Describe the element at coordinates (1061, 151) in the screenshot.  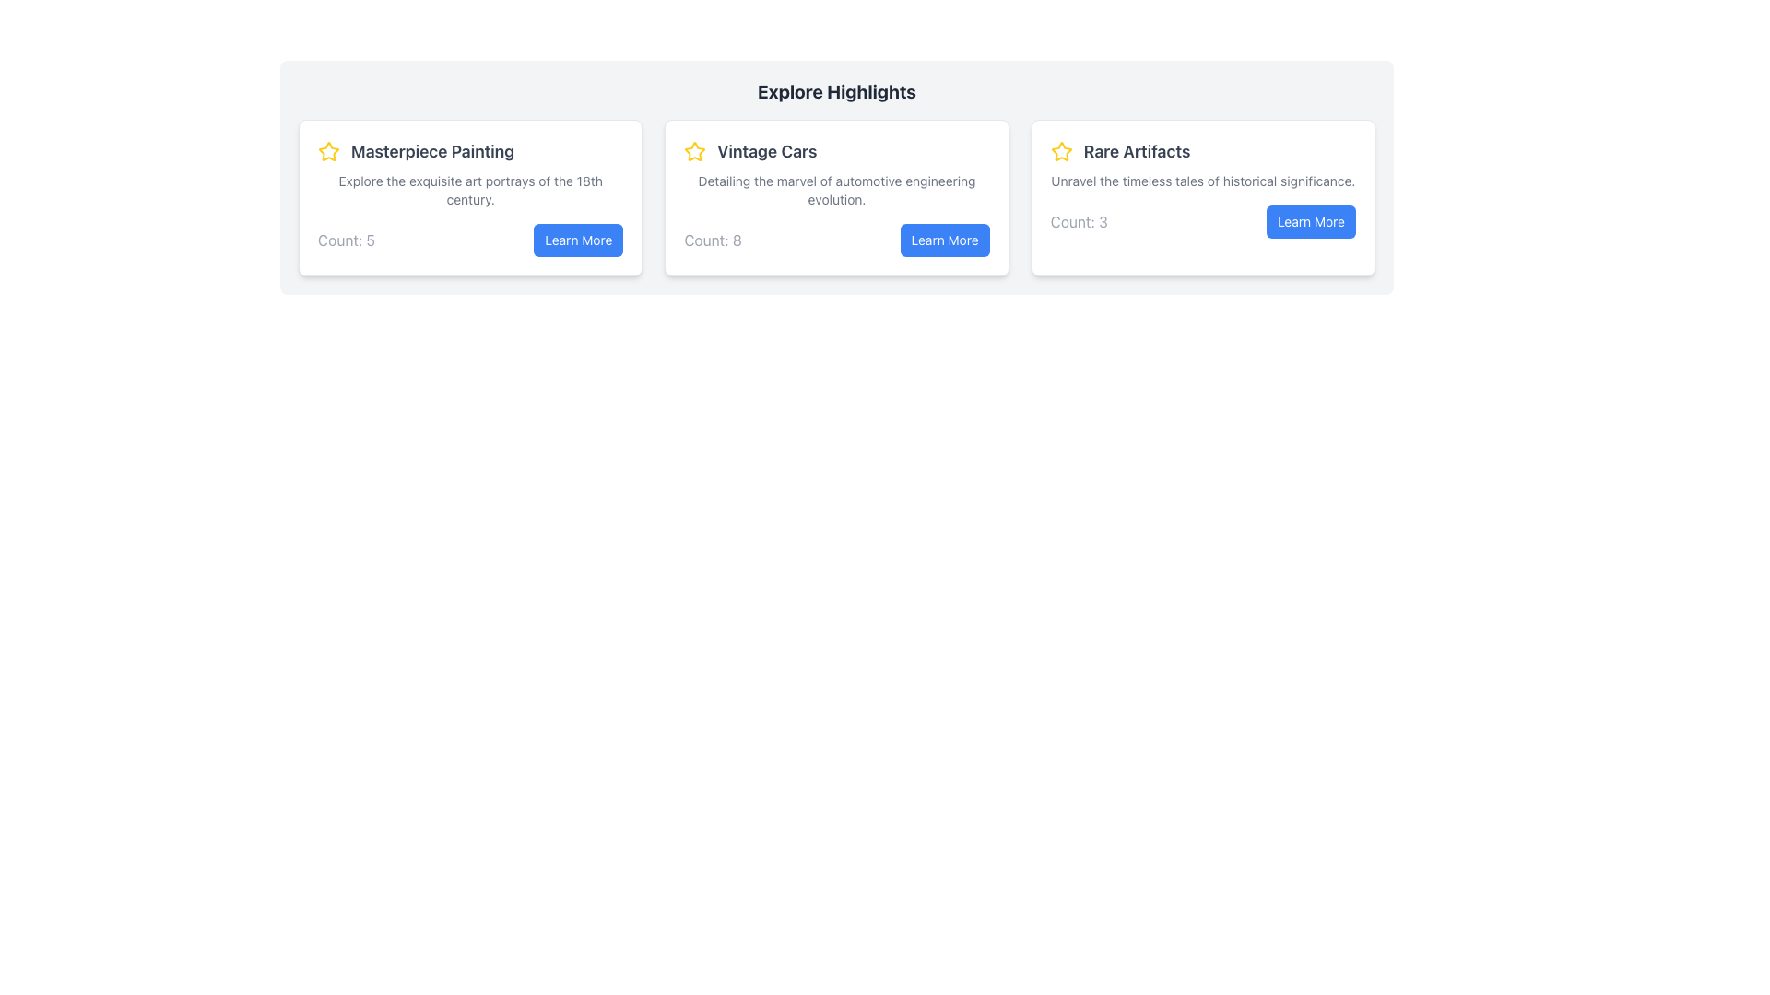
I see `the star icon located to the left of the 'Rare Artifacts' text, which signifies special association with the content` at that location.